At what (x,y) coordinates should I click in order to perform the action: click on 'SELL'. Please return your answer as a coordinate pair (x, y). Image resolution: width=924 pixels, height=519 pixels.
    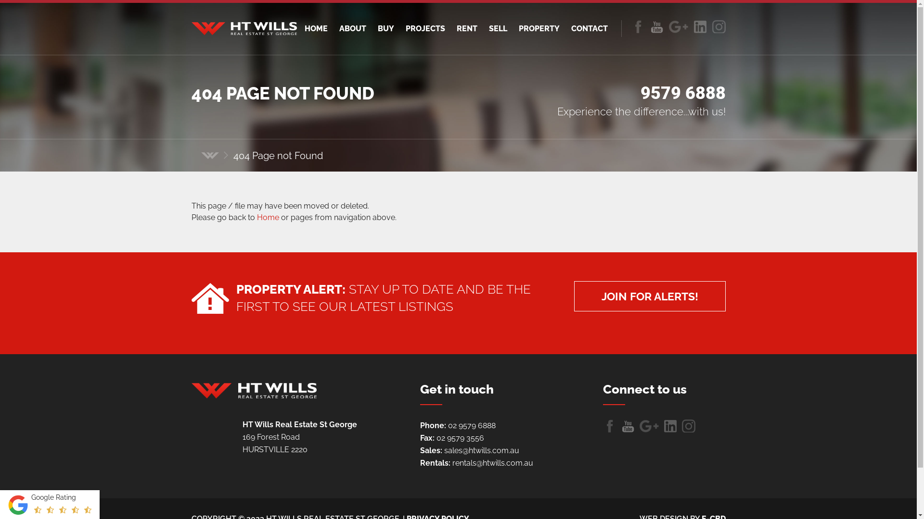
    Looking at the image, I should click on (498, 28).